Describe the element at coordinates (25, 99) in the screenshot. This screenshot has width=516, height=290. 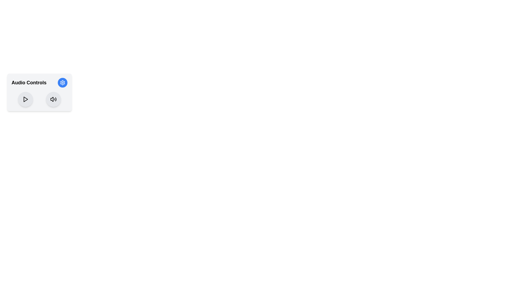
I see `the leftmost circular 'Play' button with a light gray background and a black triangular play icon in the 'Audio Controls' section` at that location.